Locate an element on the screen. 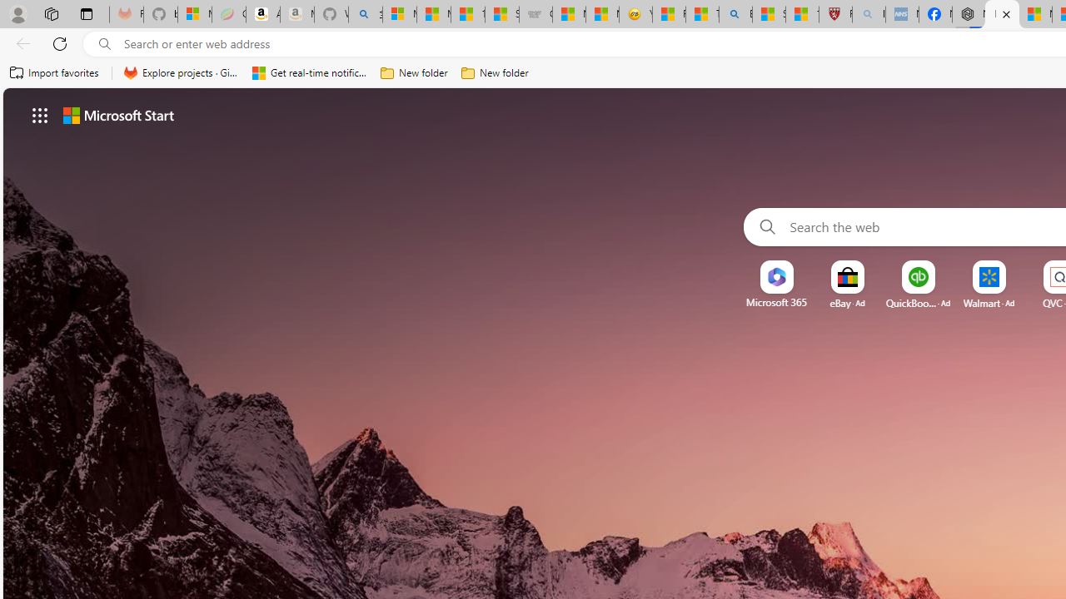  'New folder' is located at coordinates (494, 72).